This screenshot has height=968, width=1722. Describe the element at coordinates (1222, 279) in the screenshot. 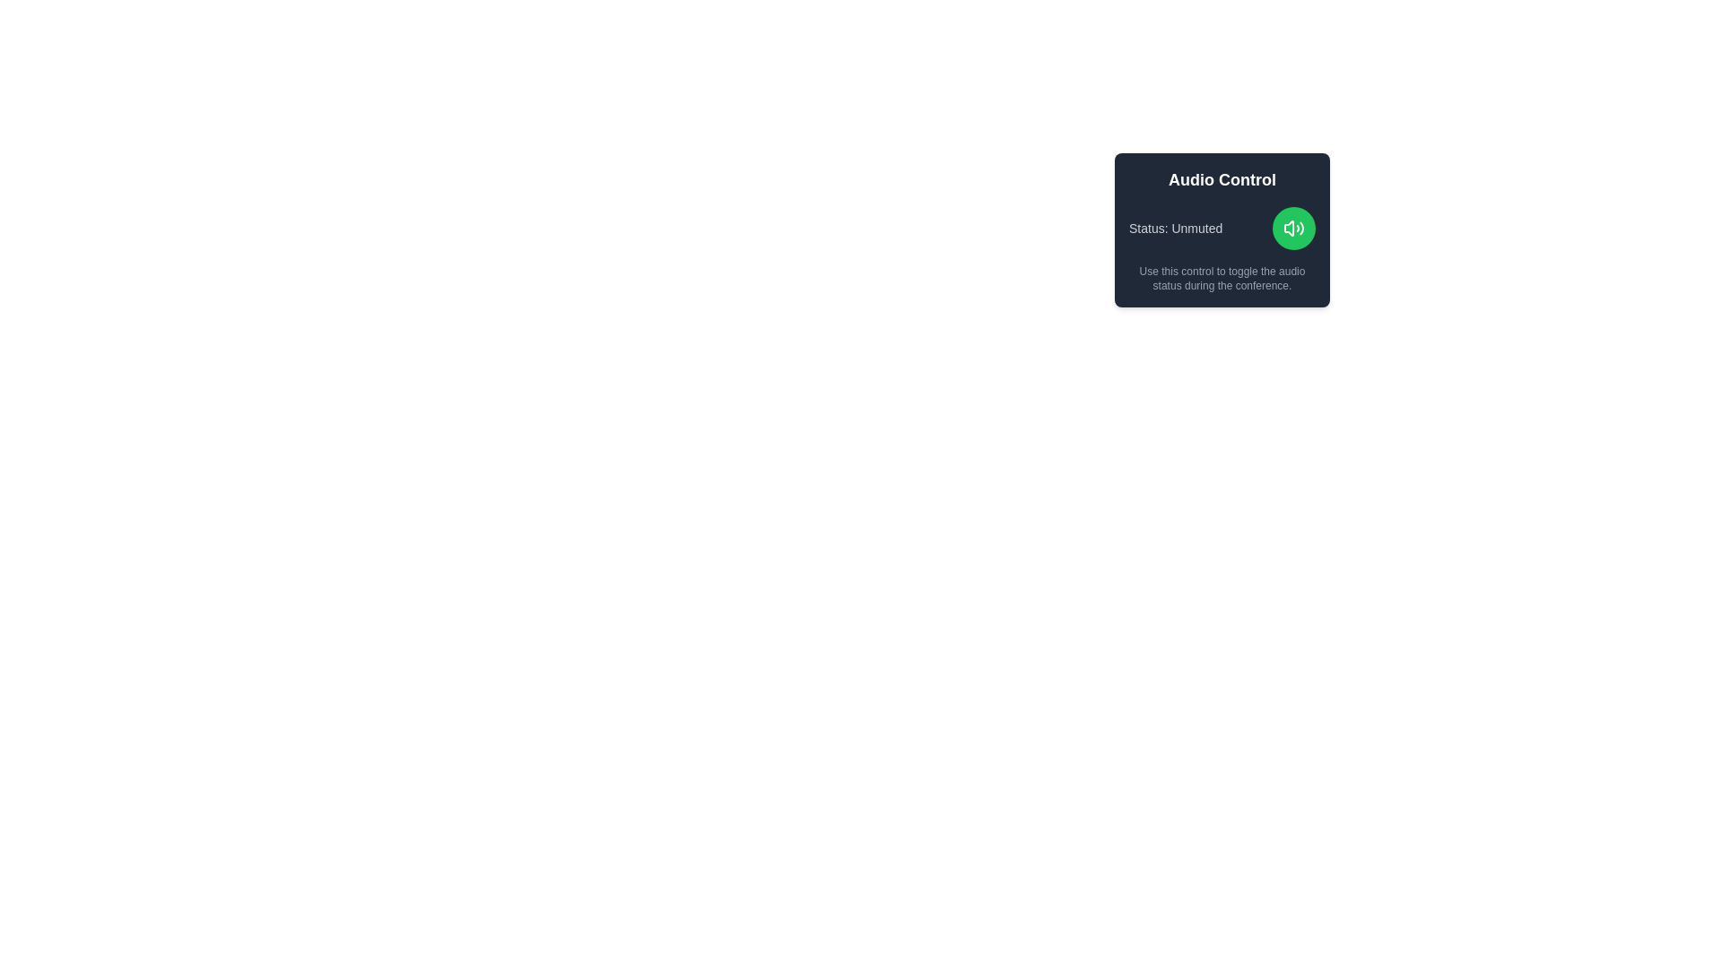

I see `the instructional Static Text within the 'Audio Control' card, located below the 'Status: Unmuted' label and green icon` at that location.